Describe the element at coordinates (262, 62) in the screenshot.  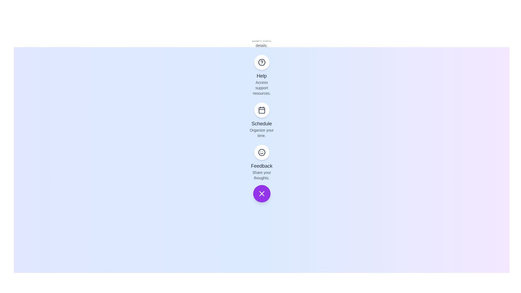
I see `the 'Help' button to access support resources` at that location.